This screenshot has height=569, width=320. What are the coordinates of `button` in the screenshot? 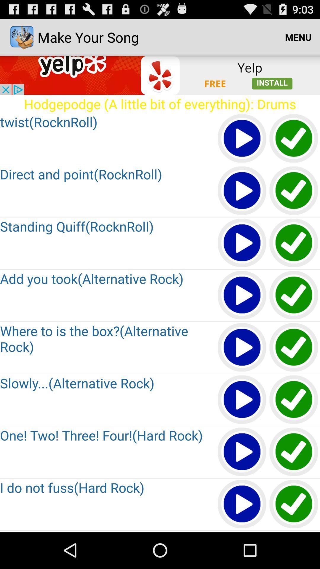 It's located at (242, 243).